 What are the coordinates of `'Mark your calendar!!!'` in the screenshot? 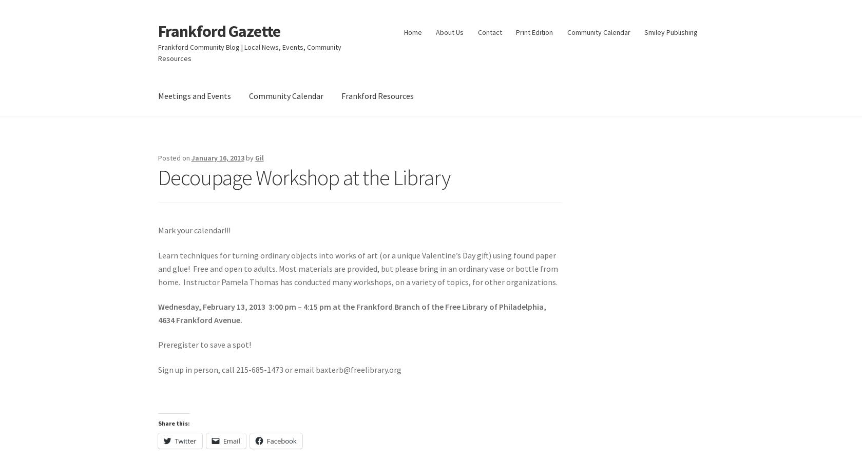 It's located at (194, 229).